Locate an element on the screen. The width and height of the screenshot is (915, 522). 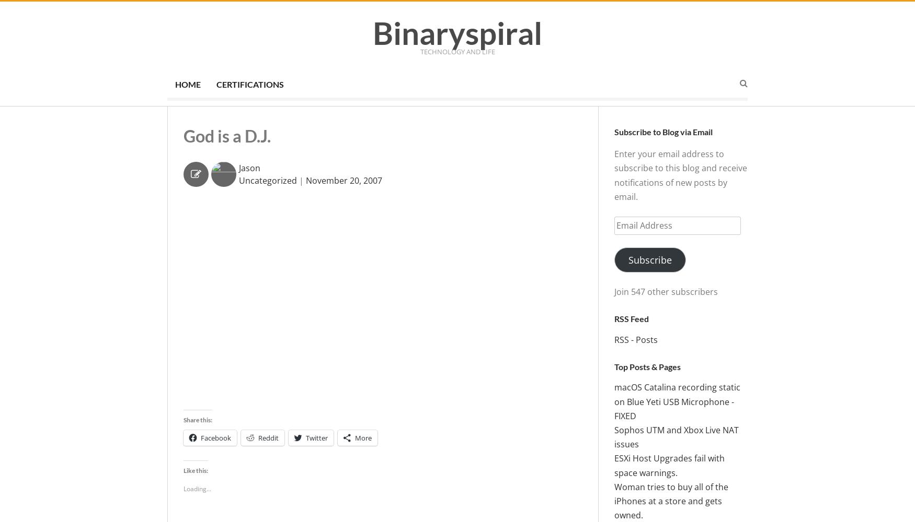
'Top Posts & Pages' is located at coordinates (647, 365).